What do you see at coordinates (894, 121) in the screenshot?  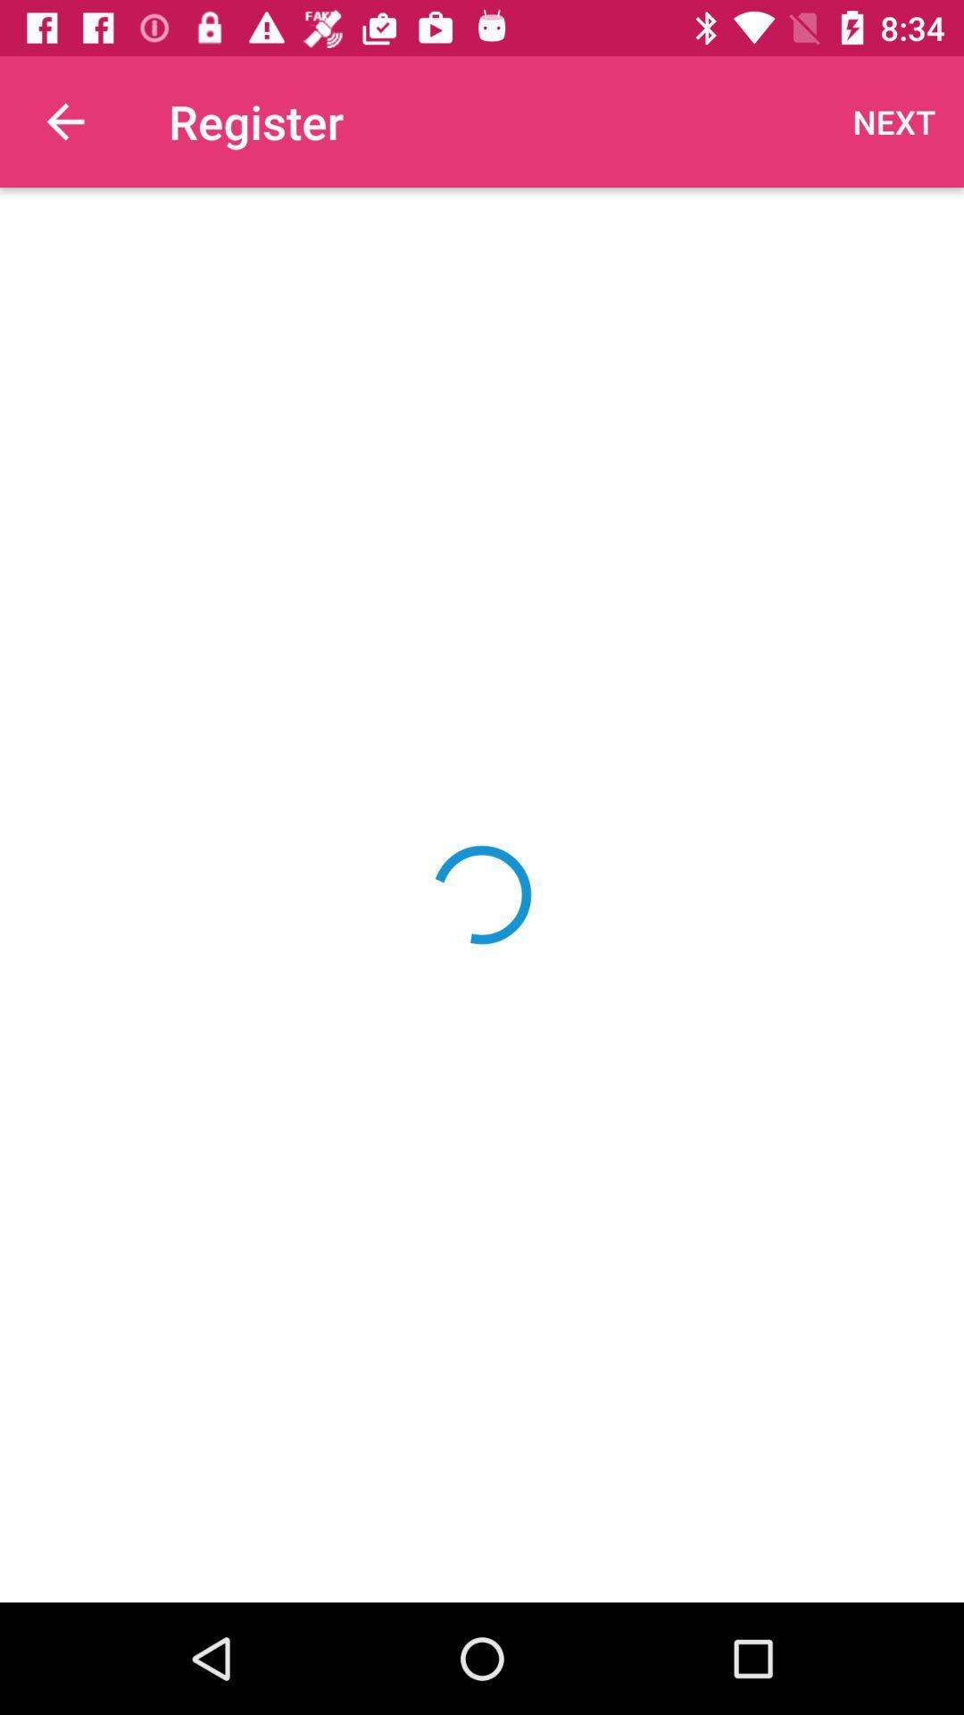 I see `the item at the top right corner` at bounding box center [894, 121].